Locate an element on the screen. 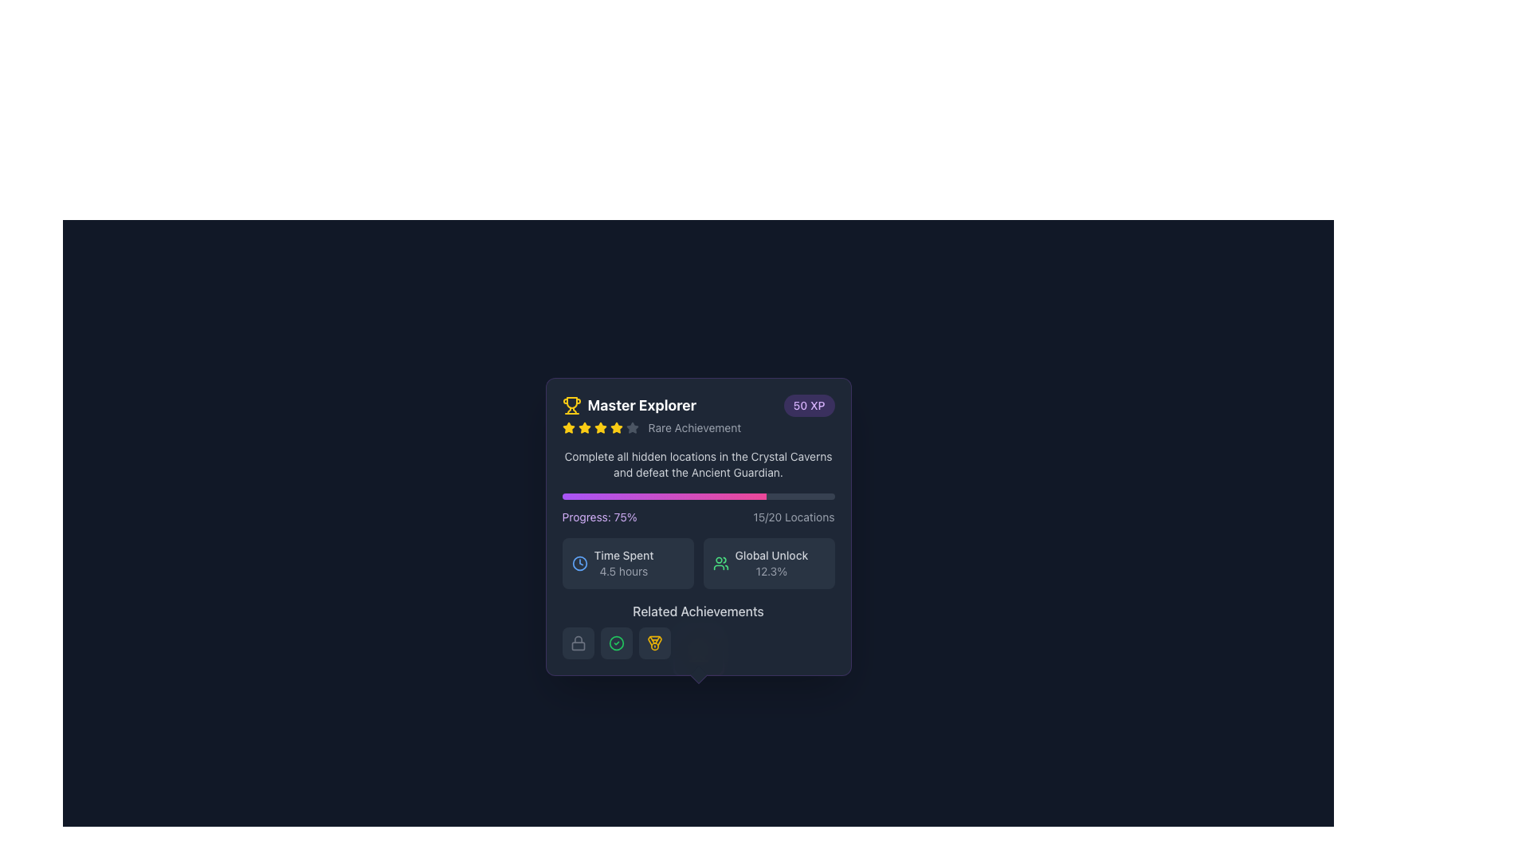 The image size is (1530, 861). the state of the fourth star icon in the rating system under the title 'Master Explorer' is located at coordinates (631, 427).